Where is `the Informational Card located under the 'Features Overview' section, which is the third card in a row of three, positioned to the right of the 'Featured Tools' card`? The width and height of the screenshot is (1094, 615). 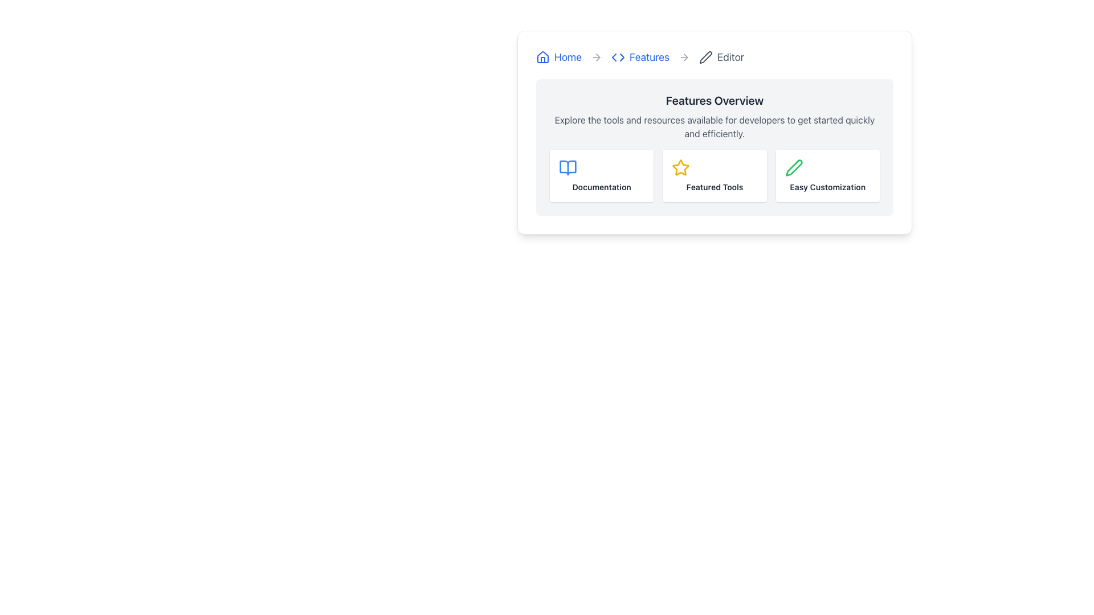 the Informational Card located under the 'Features Overview' section, which is the third card in a row of three, positioned to the right of the 'Featured Tools' card is located at coordinates (827, 175).